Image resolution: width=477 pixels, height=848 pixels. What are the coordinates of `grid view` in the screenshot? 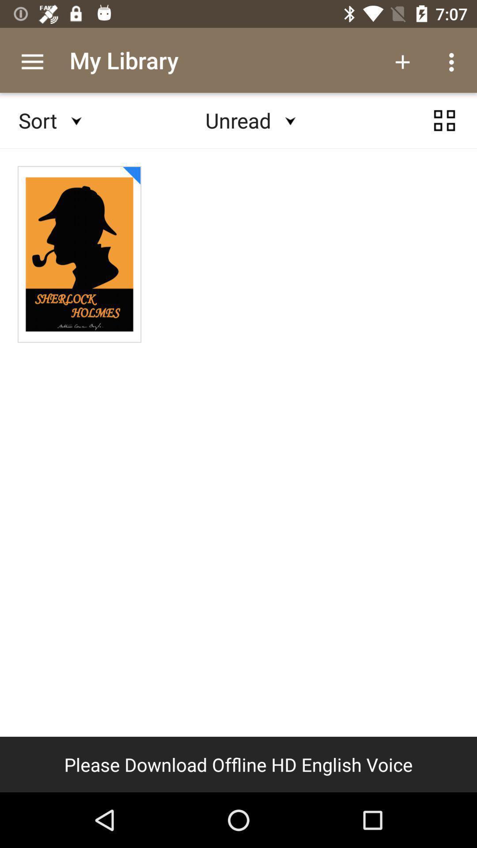 It's located at (444, 120).